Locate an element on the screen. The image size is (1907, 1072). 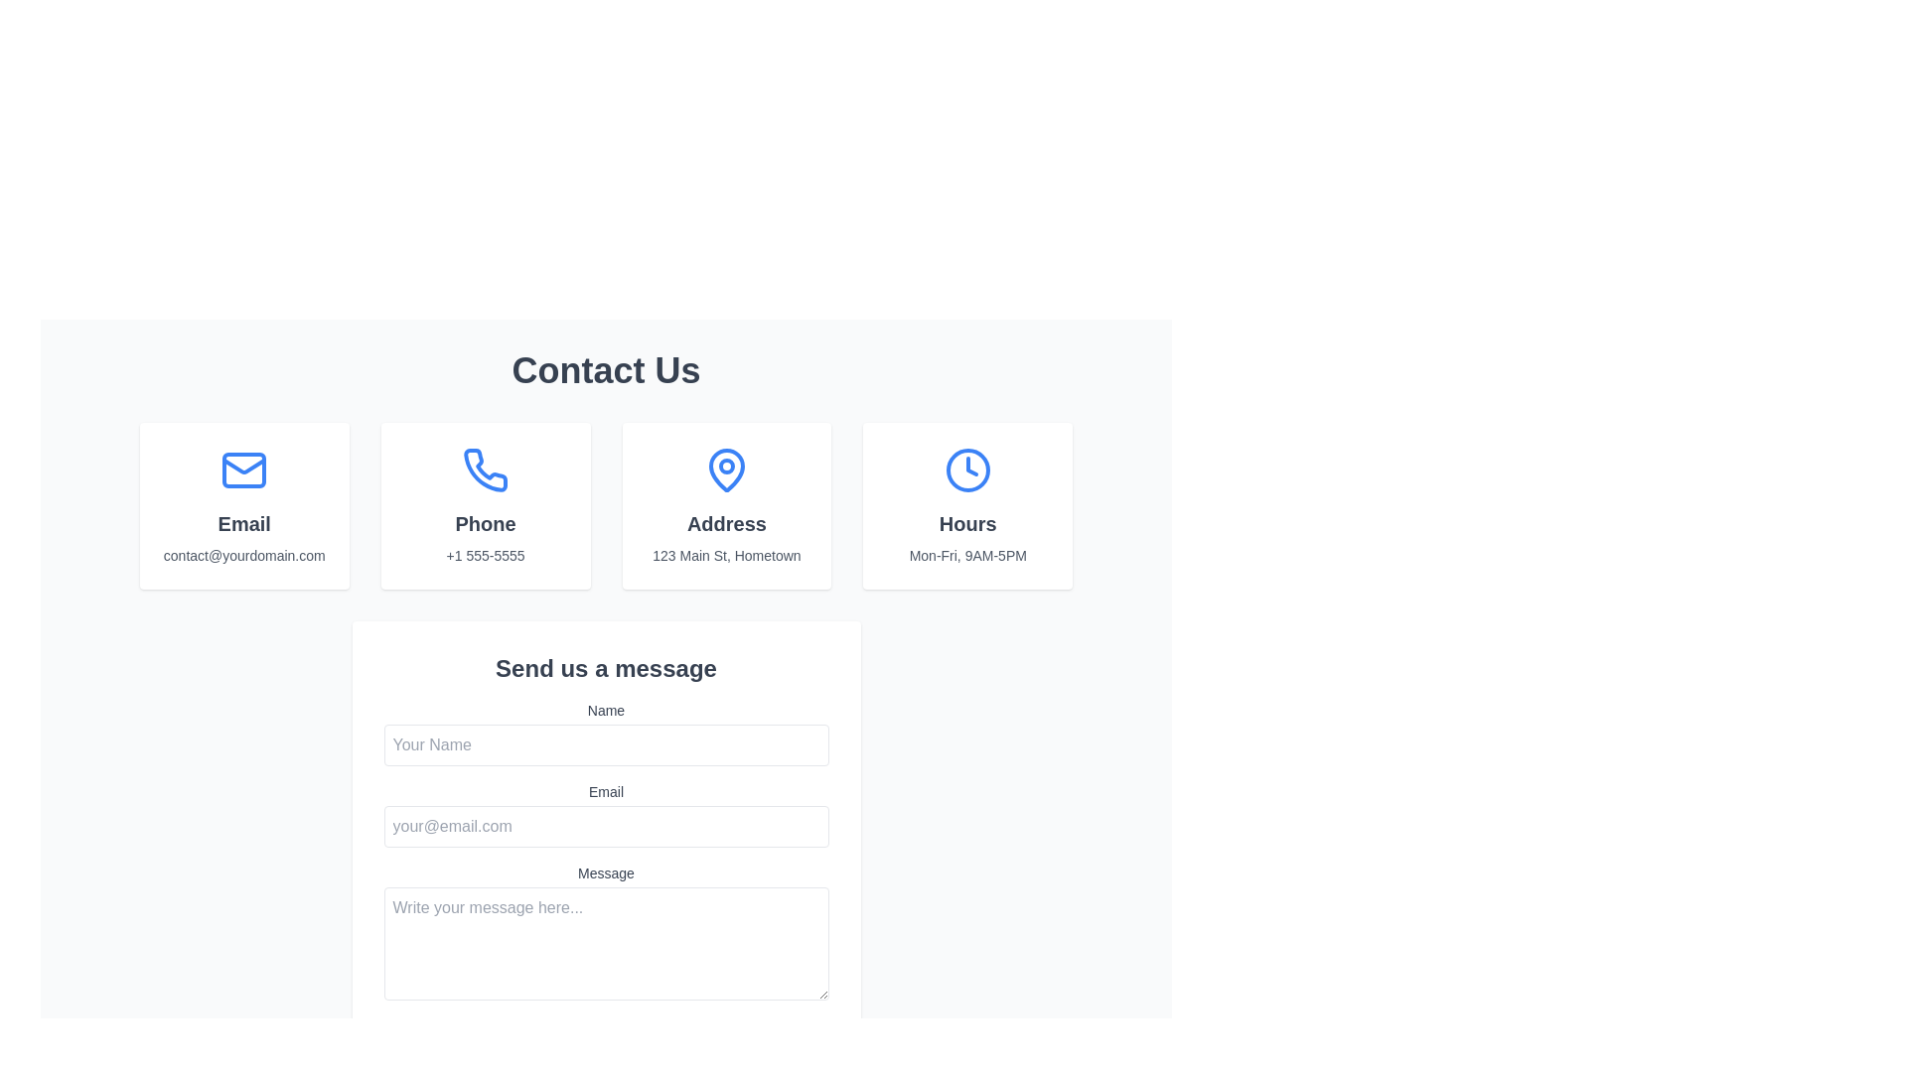
the clock icon representing operating hours located in the 'Hours' section, positioned as the fourth item after 'Email', 'Phone', and 'Address' is located at coordinates (967, 470).